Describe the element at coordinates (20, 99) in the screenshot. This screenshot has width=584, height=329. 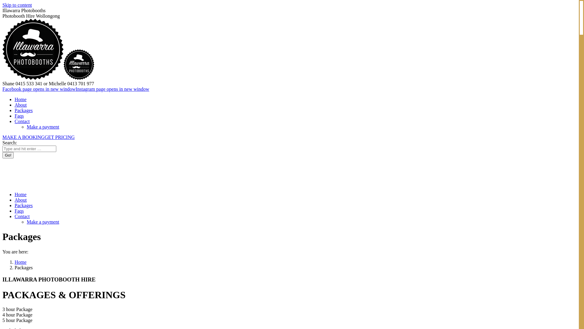
I see `'Home'` at that location.